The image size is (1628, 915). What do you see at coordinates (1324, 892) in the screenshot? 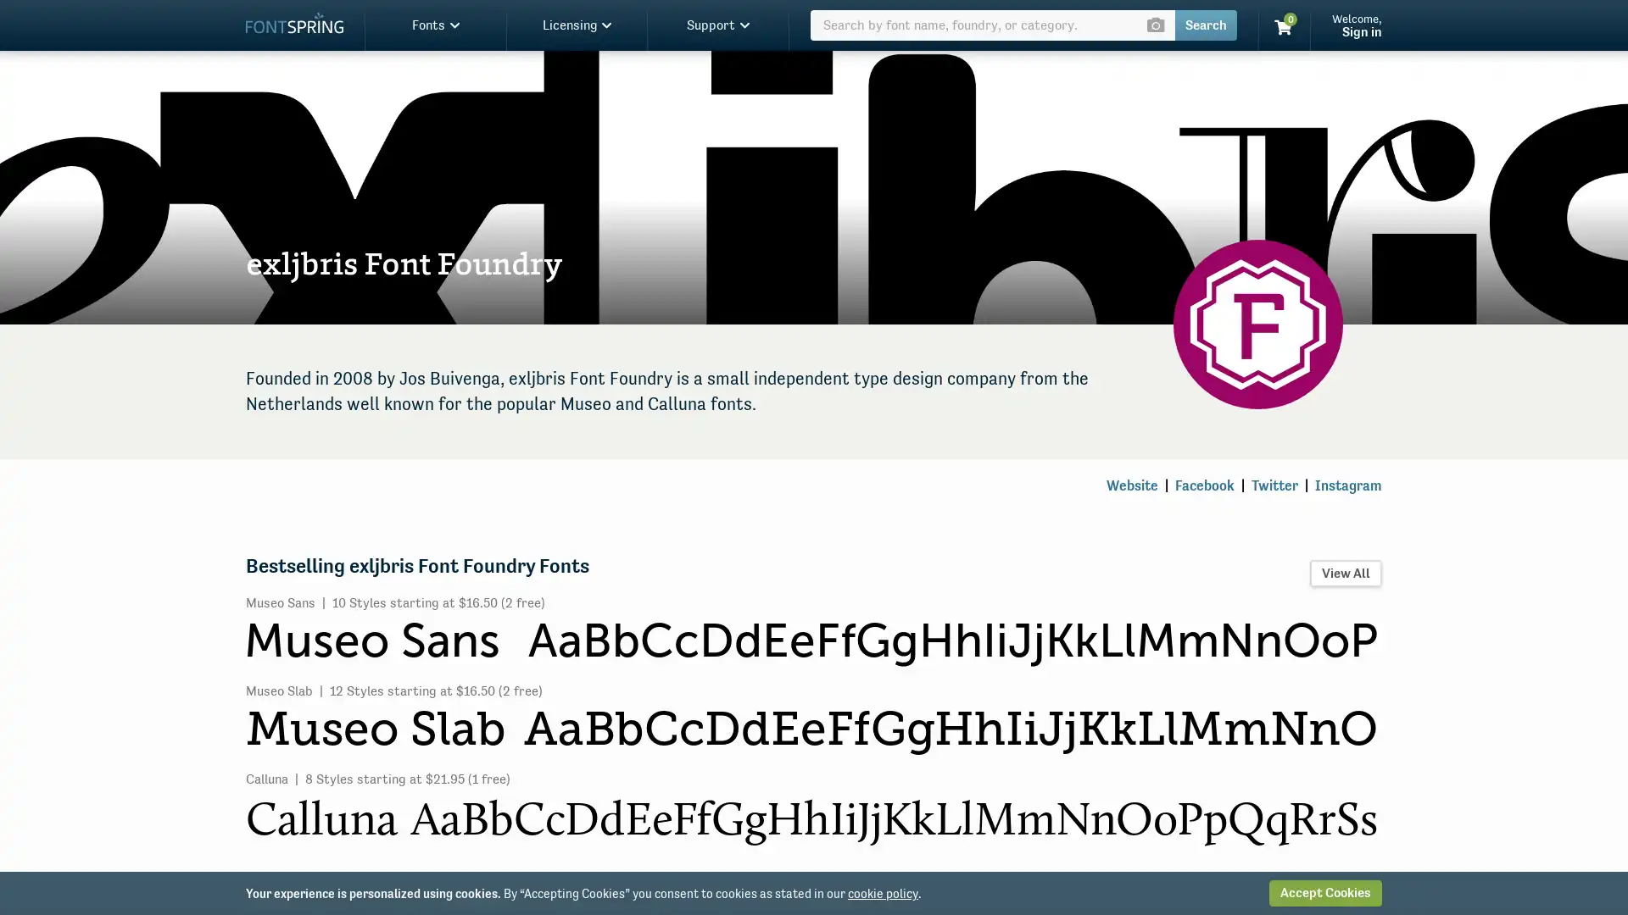
I see `Accept Cookies` at bounding box center [1324, 892].